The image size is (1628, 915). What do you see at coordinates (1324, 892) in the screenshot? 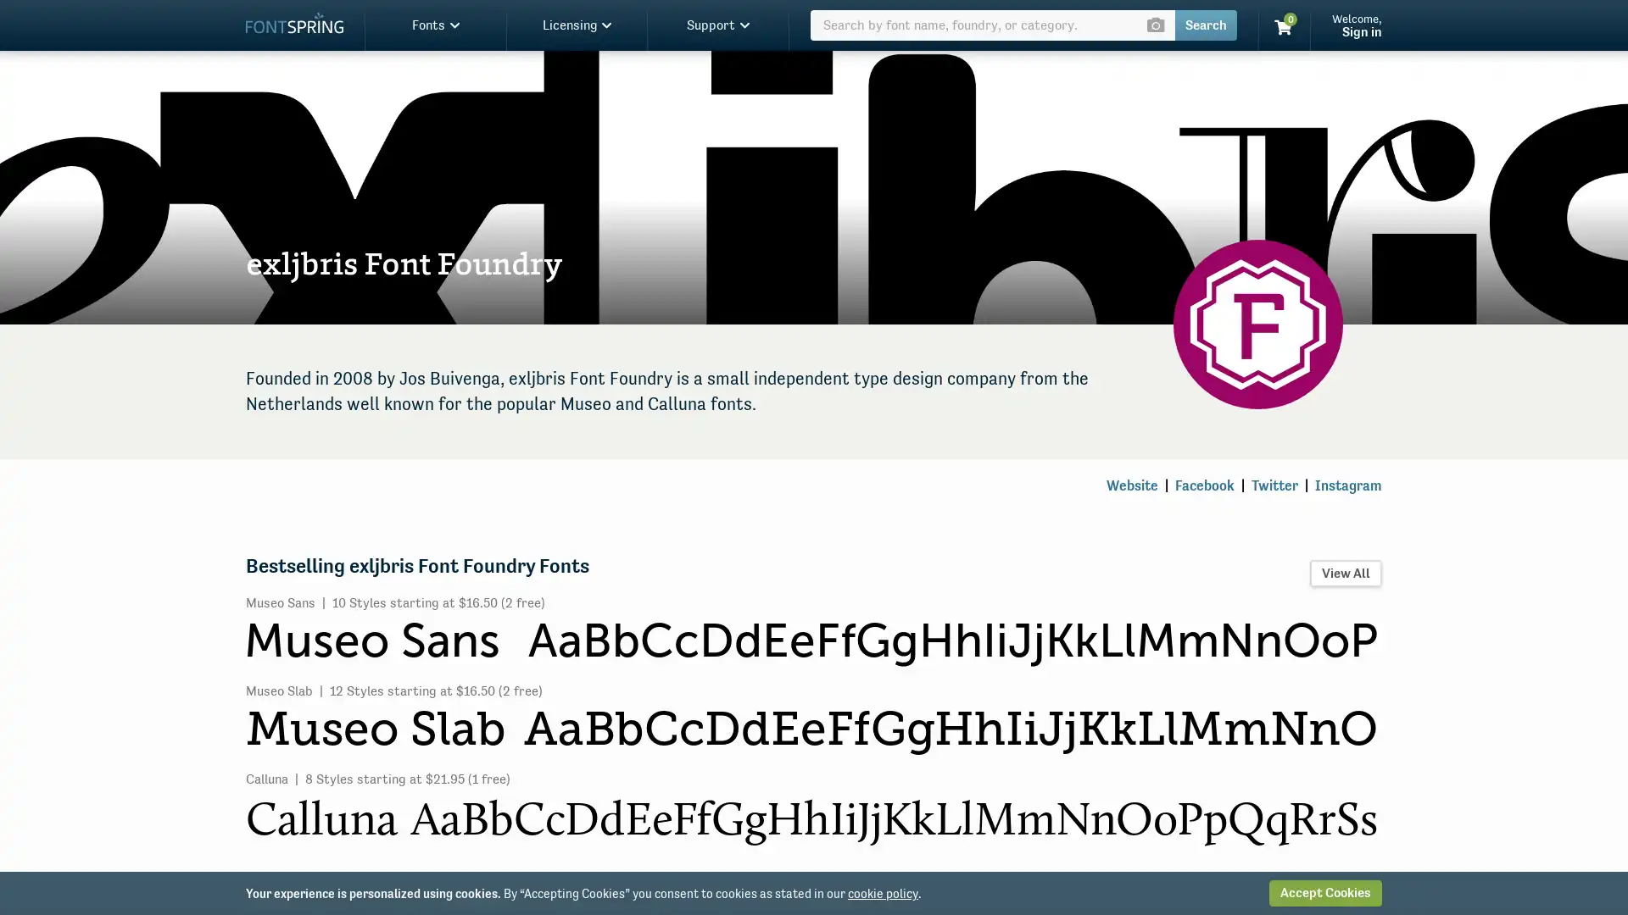
I see `Accept Cookies` at bounding box center [1324, 892].